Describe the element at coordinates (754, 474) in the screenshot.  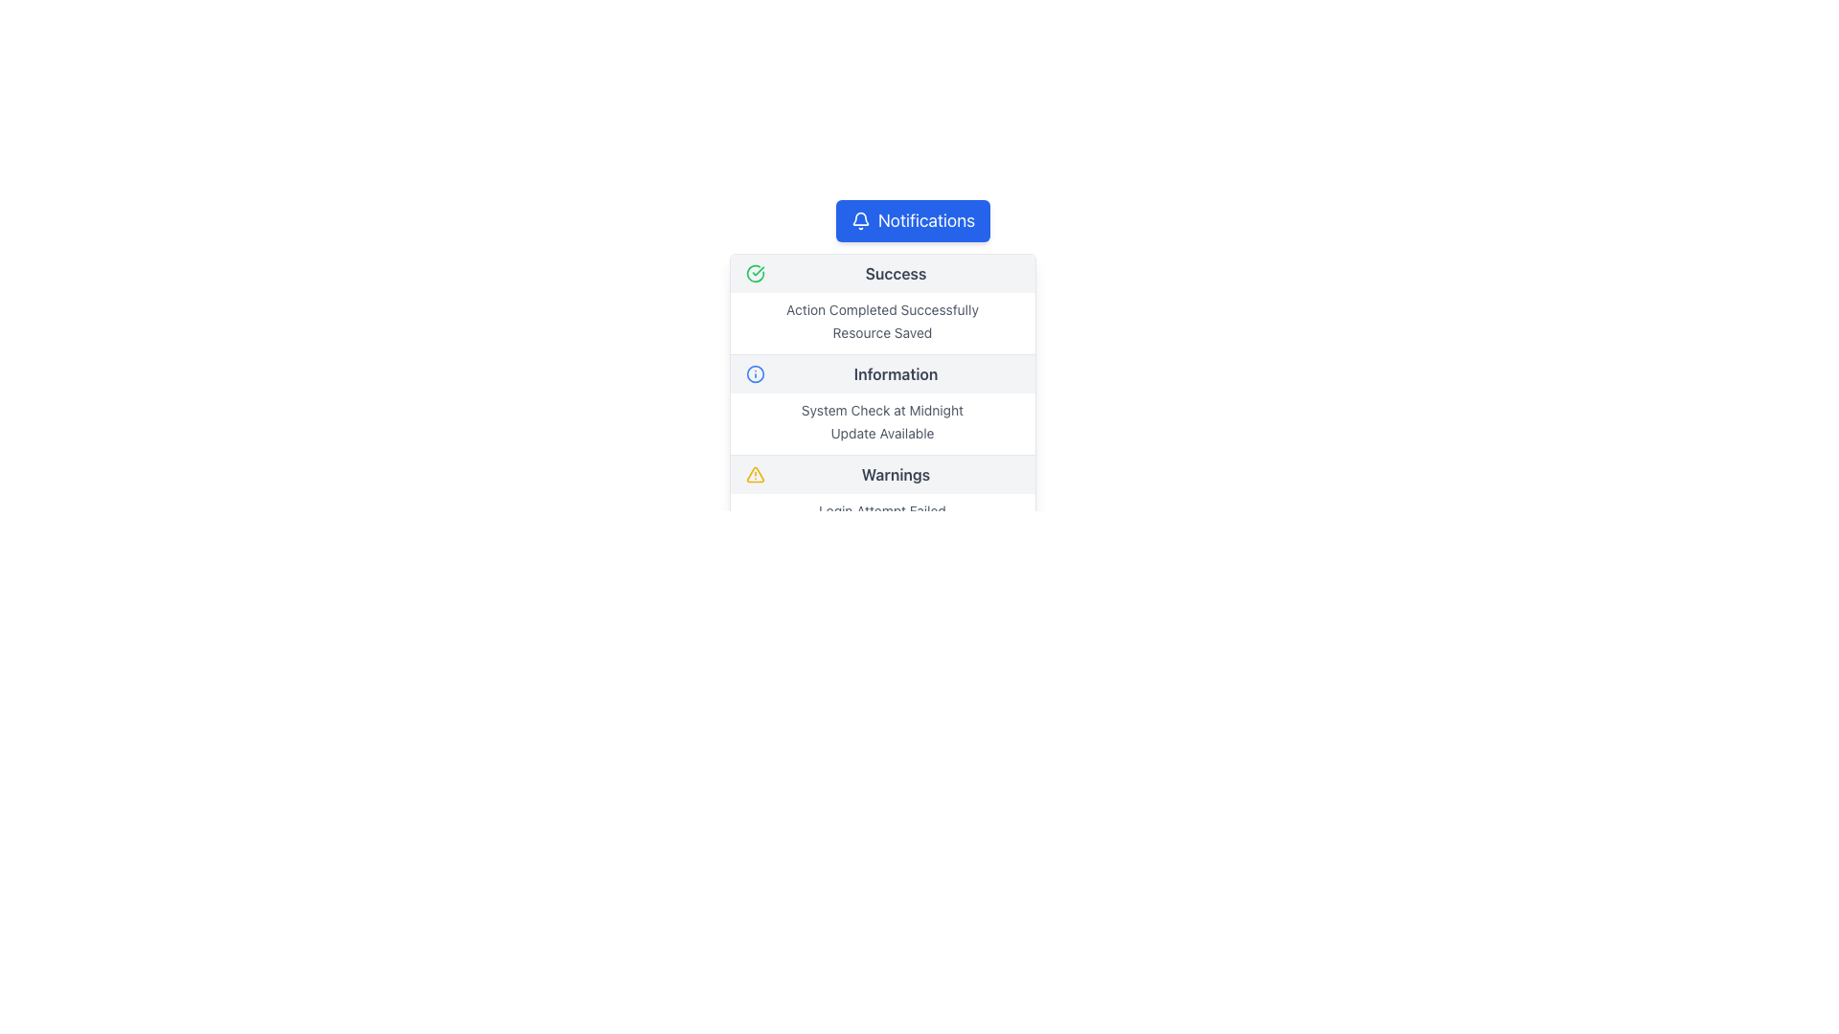
I see `the visual warning indicator icon located at the leftmost side of the 'Warnings' section in the notification list` at that location.